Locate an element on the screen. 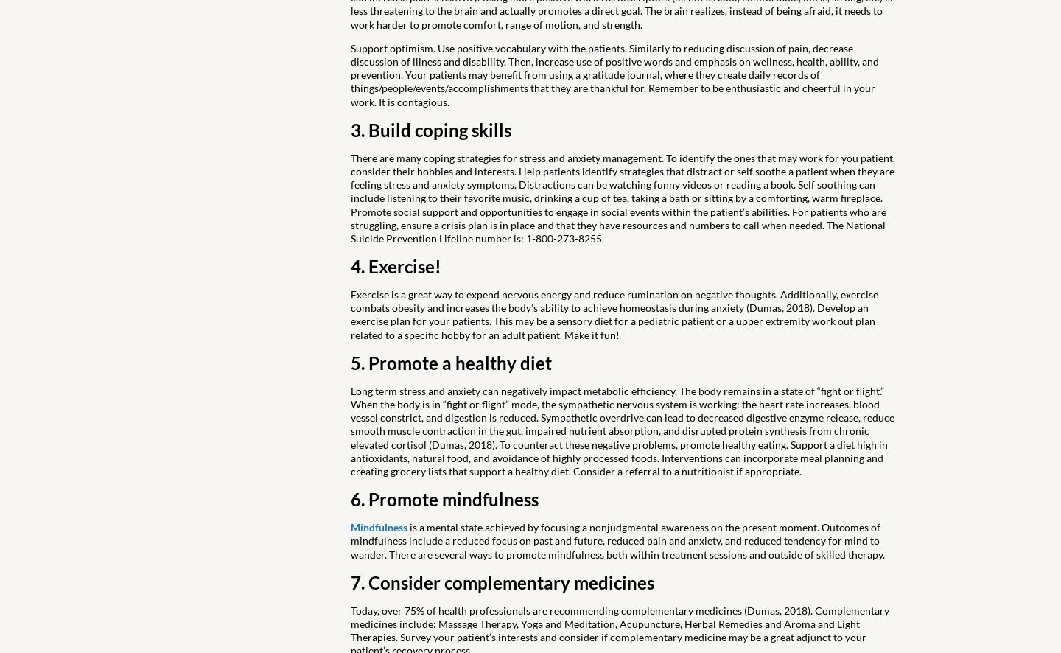  'There are many coping strategies for stress and anxiety management. To identify the ones that may work for you patient, consider their hobbies and interests. Help patients identify strategies that distract or self soothe a patient when they are feeling stress and anxiety symptoms. Distractions can be watching funny videos or reading a book. Self soothing can include listening to their favorite music, drinking a cup of tea, taking a bath or sitting by a comforting, warm fireplace. Promote social support and opportunities to engage in social events within the patient’s abilities. For patients who are struggling, ensure a crisis plan is in place and that they have resources and numbers to call when needed. The National Suicide Prevention Lifeline number is: 1-800-273-8255.' is located at coordinates (622, 198).